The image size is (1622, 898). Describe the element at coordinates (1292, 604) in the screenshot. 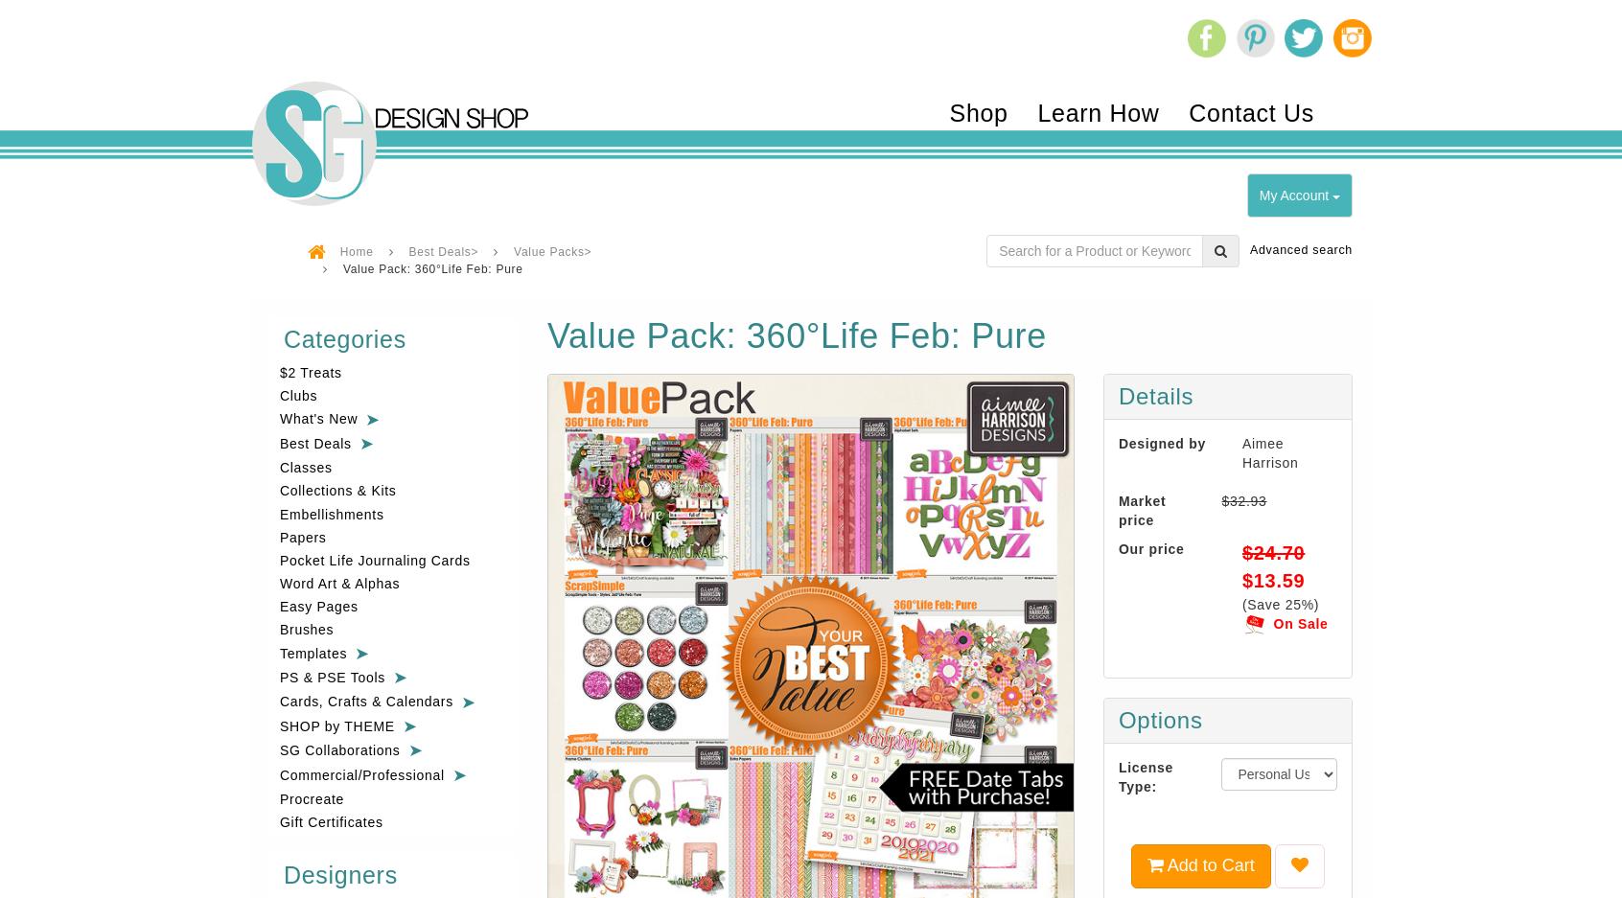

I see `'25'` at that location.